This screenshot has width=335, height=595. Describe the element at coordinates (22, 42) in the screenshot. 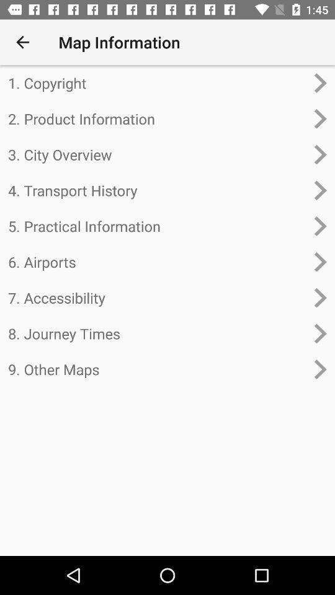

I see `item next to map information` at that location.